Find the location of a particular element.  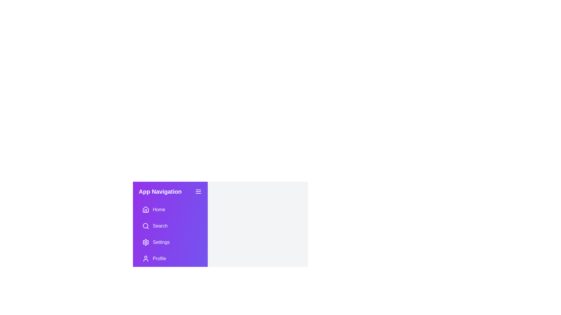

the Profile button in the navigation drawer to navigate to the corresponding section is located at coordinates (170, 258).